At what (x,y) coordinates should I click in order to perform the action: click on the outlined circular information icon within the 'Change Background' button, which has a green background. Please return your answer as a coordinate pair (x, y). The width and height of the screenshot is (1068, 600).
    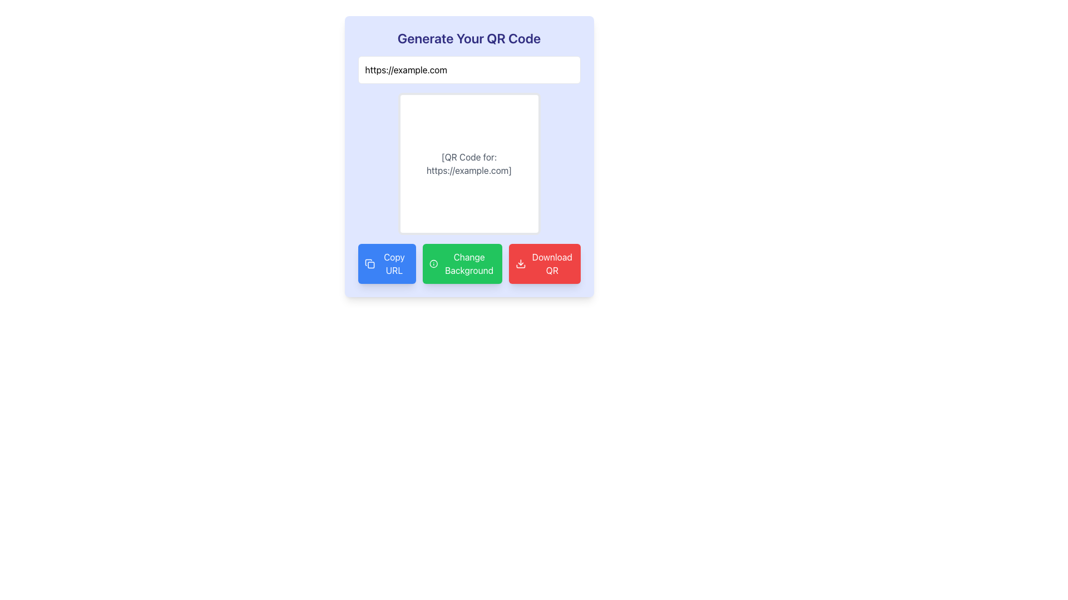
    Looking at the image, I should click on (433, 263).